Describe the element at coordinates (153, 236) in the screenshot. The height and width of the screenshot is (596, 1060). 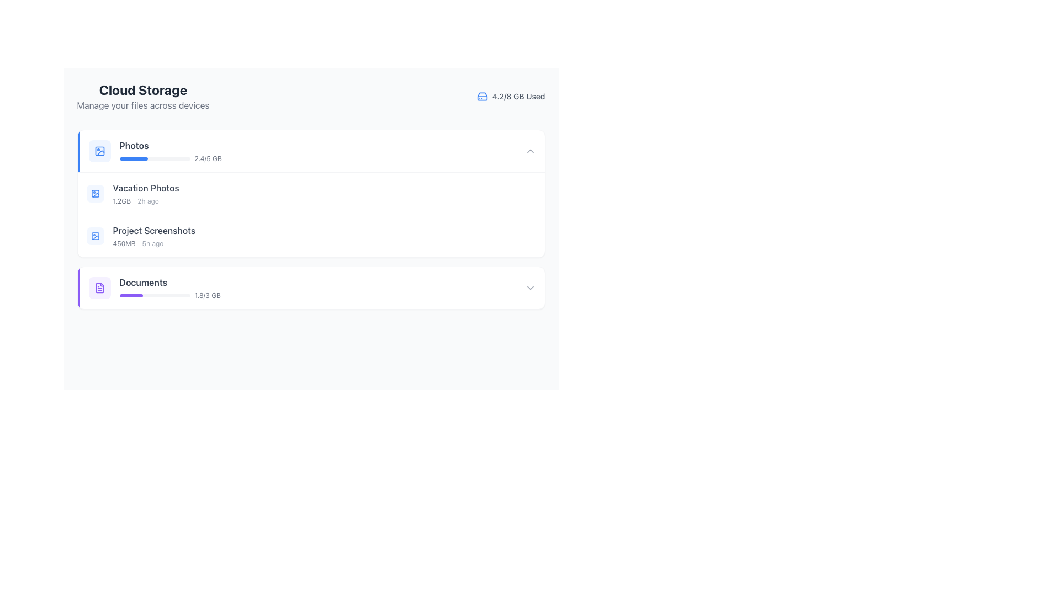
I see `the information displayed in the third Information Display Block under the 'Cloud Storage' section, which shows details about a storage item including its title, size, and last modification time` at that location.